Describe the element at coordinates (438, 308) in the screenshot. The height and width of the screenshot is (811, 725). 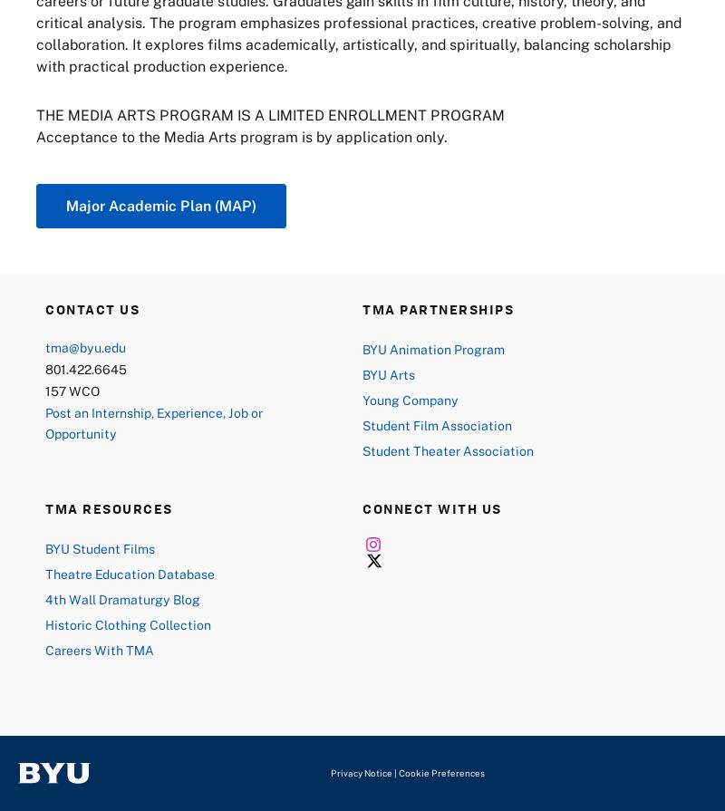
I see `'TMA Partnerships'` at that location.